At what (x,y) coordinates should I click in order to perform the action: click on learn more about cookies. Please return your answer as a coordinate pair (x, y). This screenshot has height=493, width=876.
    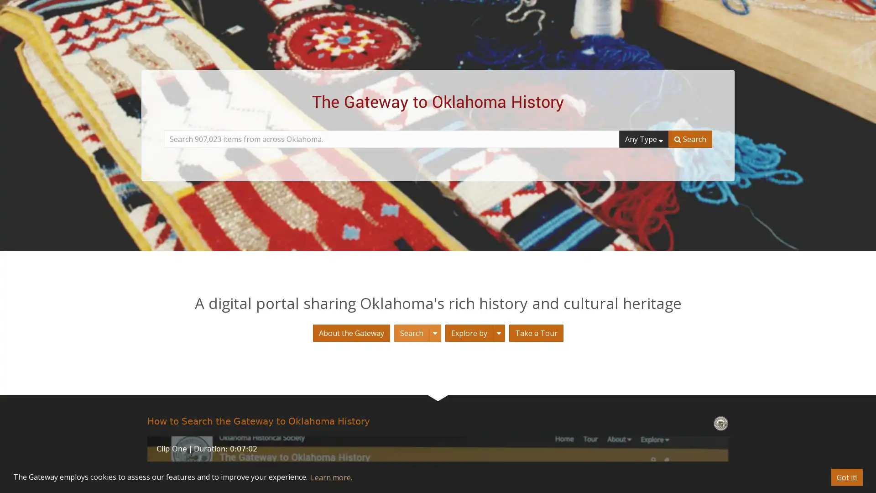
    Looking at the image, I should click on (330, 477).